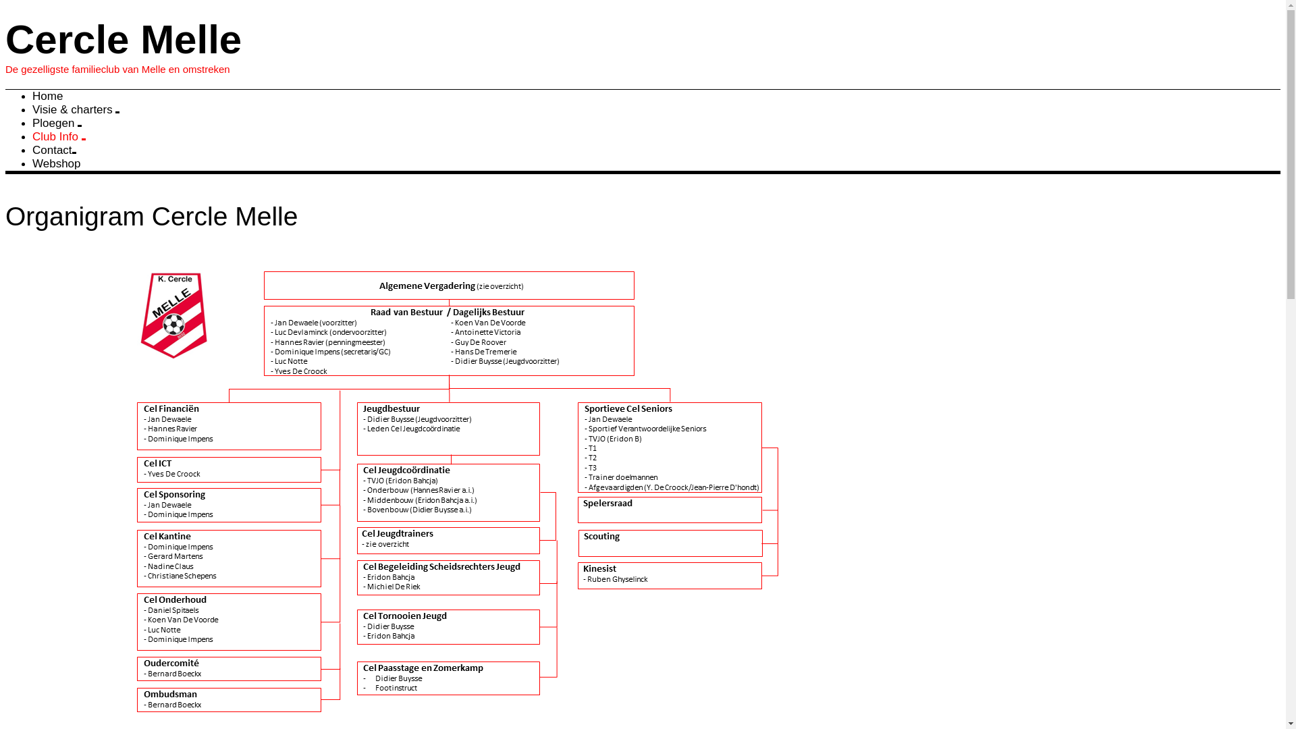 This screenshot has width=1296, height=729. I want to click on 'Organigram Cercle Melle', so click(5, 215).